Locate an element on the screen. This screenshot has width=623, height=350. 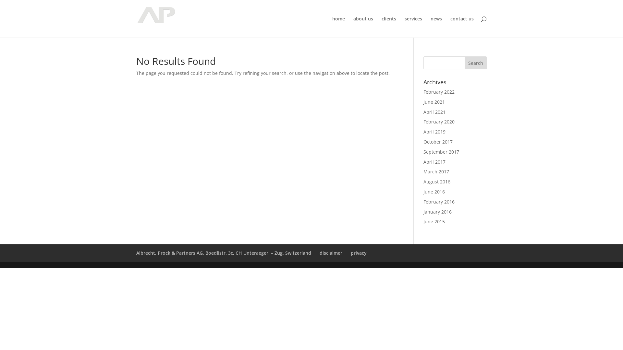
'February 2020' is located at coordinates (423, 122).